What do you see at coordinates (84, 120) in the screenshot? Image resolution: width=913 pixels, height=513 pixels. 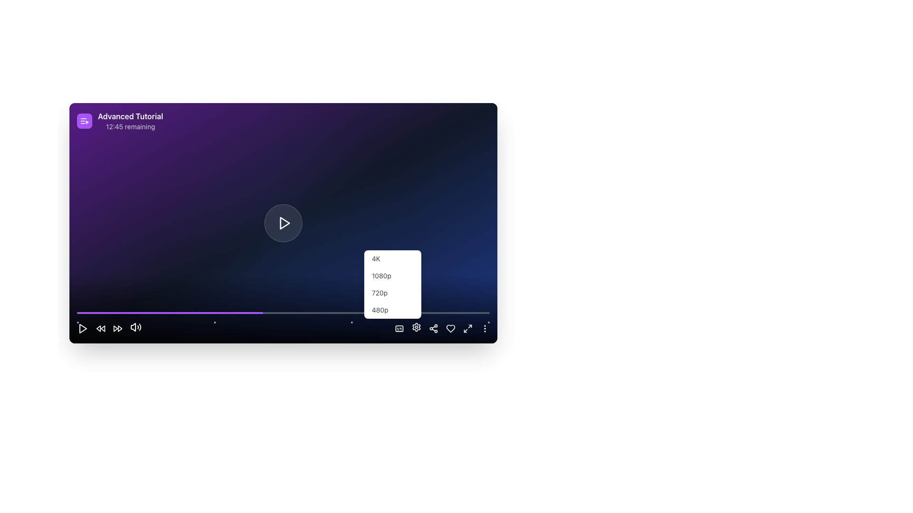 I see `the purple rounded Icon button with a white video playlist icon` at bounding box center [84, 120].